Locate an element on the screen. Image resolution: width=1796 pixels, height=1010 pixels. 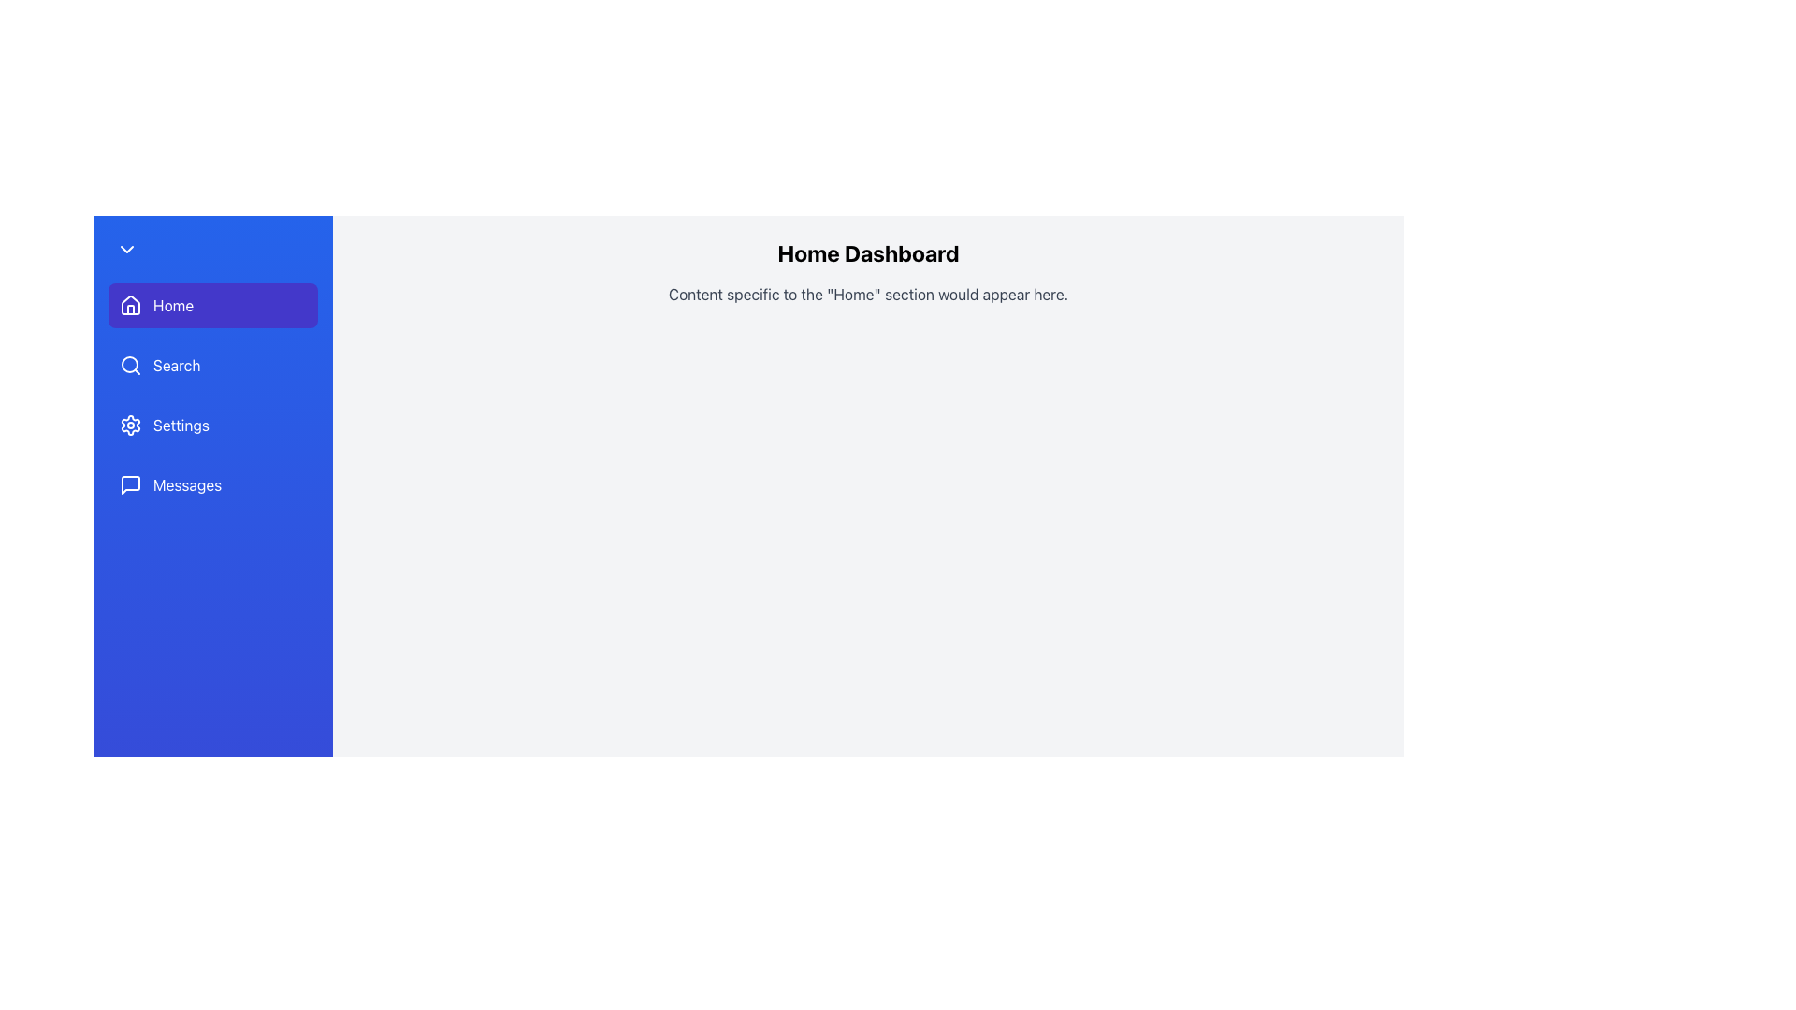
the button located in the left navigation sidebar, above the 'Home' section button is located at coordinates (212, 248).